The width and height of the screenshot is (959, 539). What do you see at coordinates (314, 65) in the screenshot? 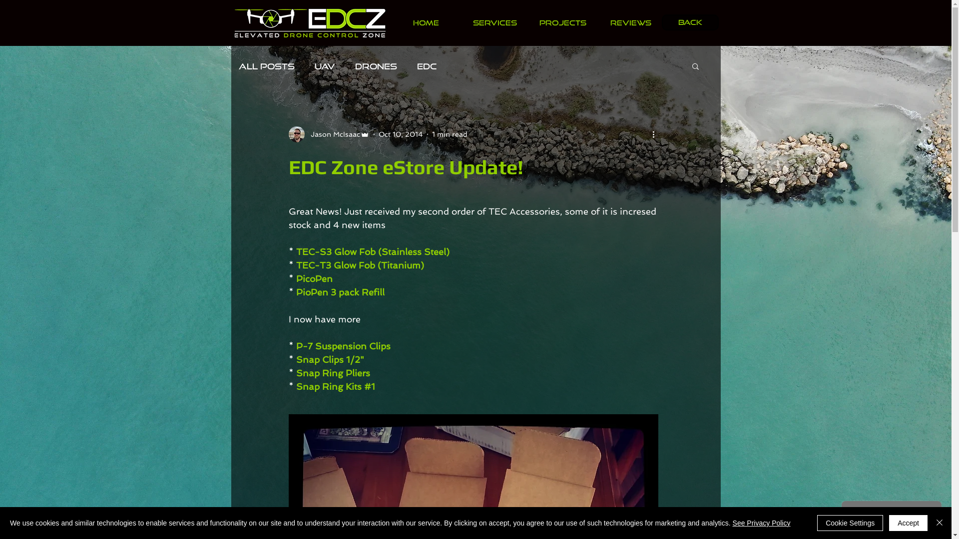
I see `'UAV'` at bounding box center [314, 65].